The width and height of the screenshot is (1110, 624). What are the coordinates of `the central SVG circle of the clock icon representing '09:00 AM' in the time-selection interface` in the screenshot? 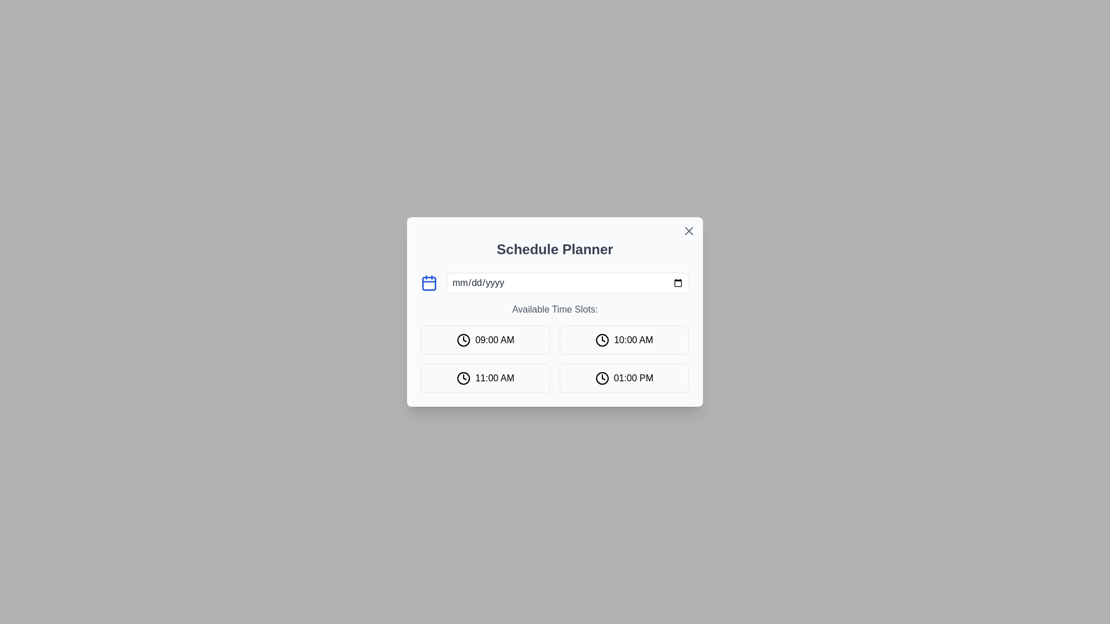 It's located at (464, 340).